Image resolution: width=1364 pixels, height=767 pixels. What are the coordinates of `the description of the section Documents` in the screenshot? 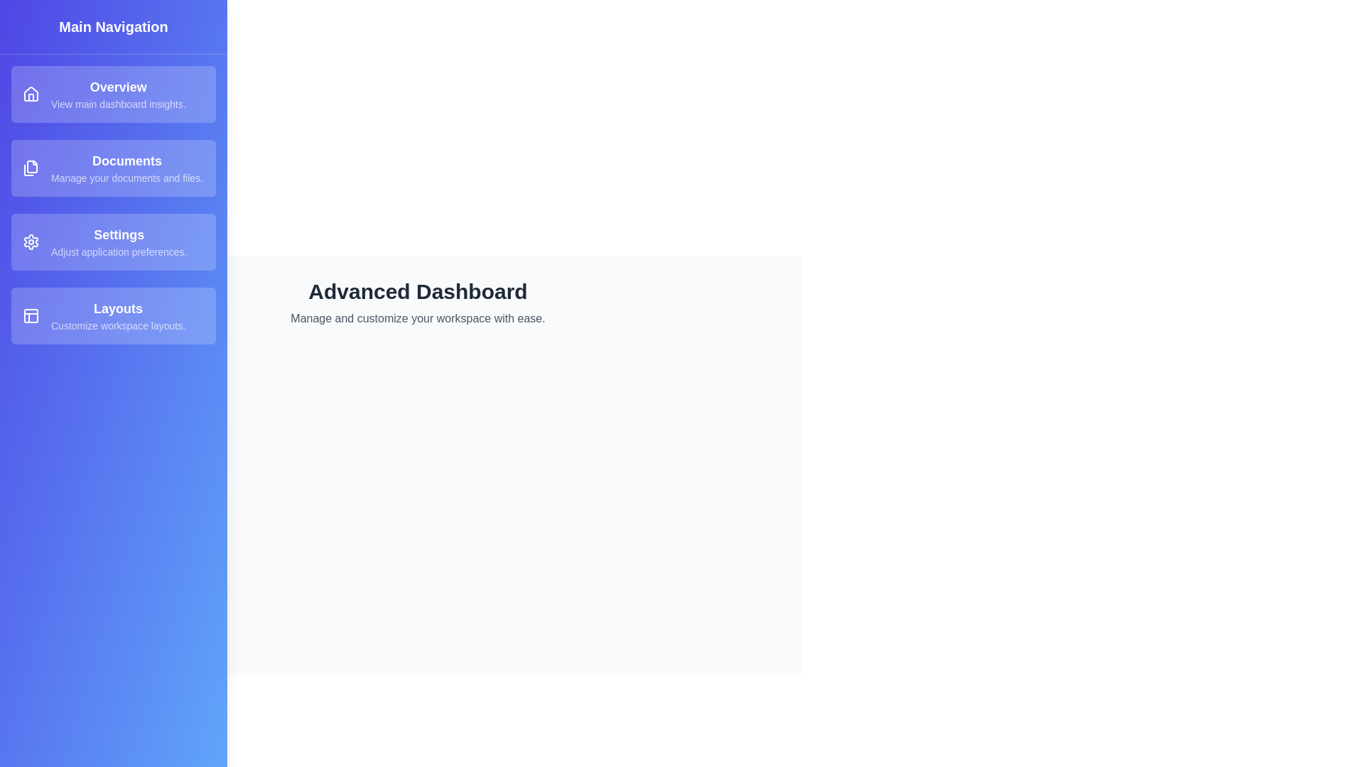 It's located at (112, 167).